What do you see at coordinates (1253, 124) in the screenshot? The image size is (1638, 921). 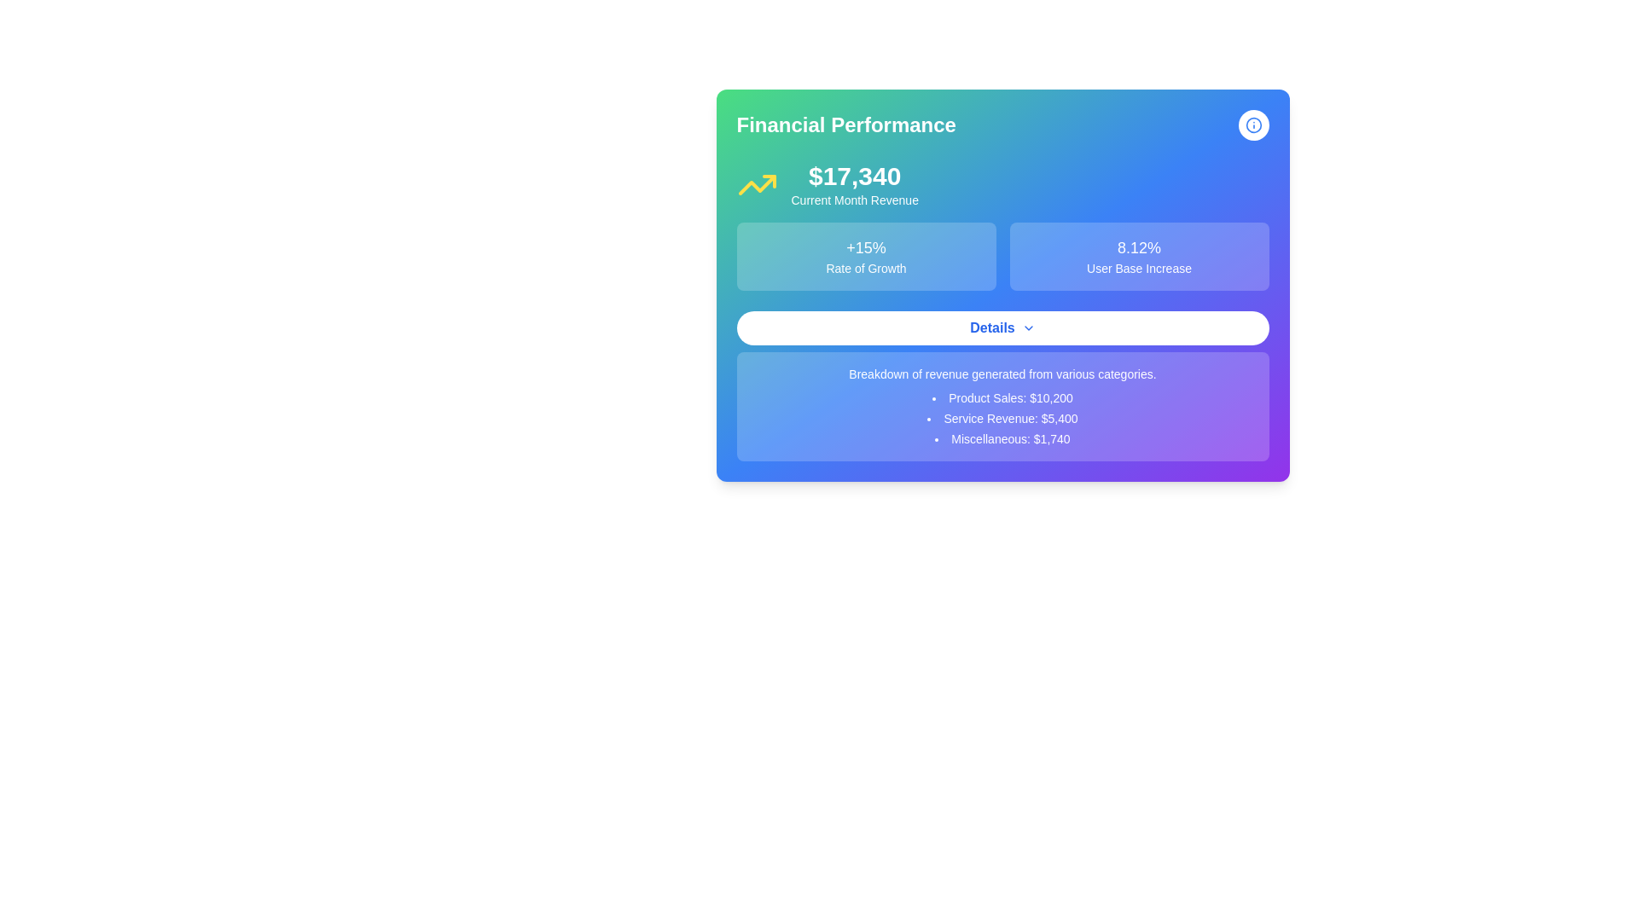 I see `SVG circle element of the information icon located at the top-right corner of the card for debugging or styling purposes` at bounding box center [1253, 124].